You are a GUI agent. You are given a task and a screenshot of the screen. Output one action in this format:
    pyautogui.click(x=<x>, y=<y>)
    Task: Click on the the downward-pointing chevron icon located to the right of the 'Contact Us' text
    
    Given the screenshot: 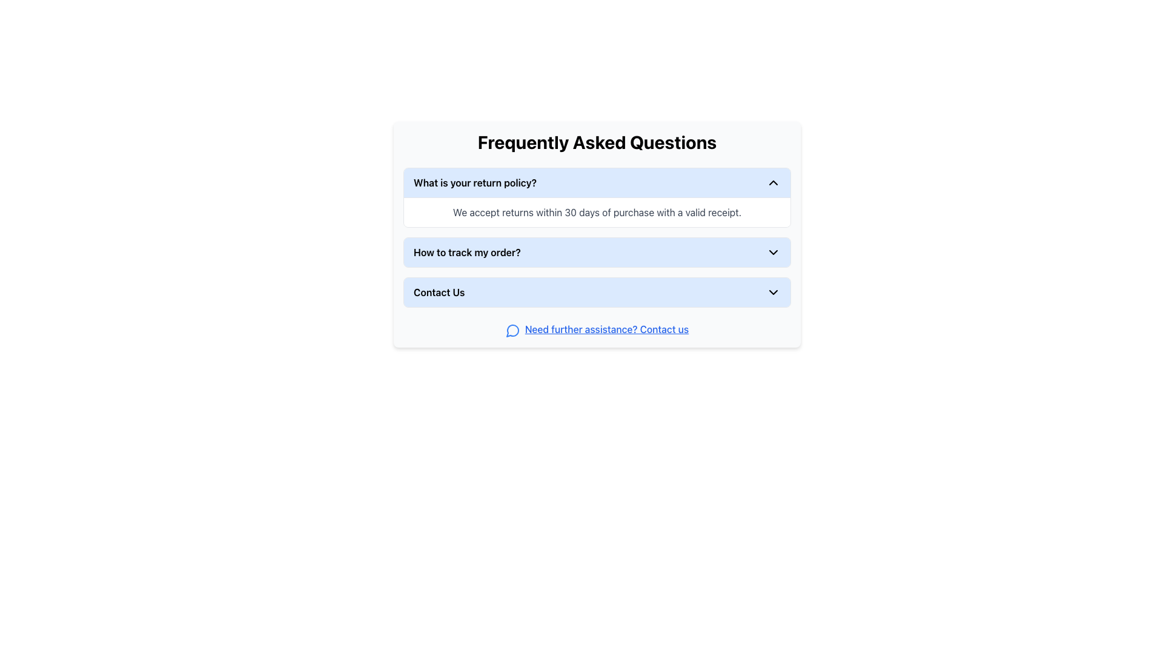 What is the action you would take?
    pyautogui.click(x=772, y=292)
    